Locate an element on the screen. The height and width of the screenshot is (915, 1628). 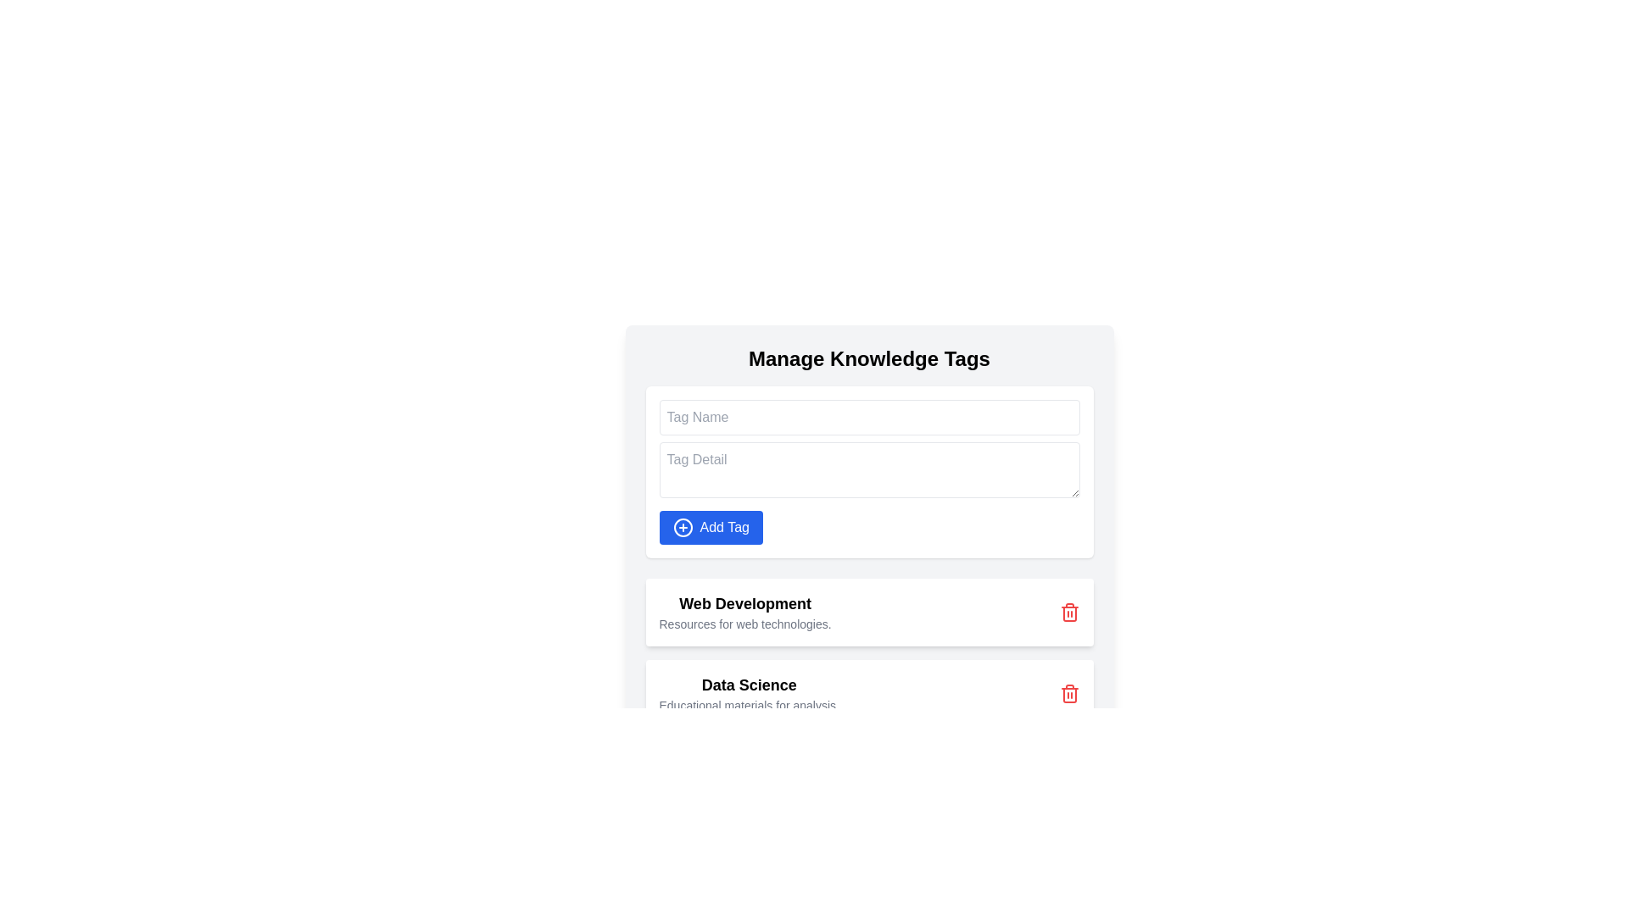
the outer circle icon boundary that triggers the addition of a new tag, located to the left of the text 'Add Tag' and above the tag list is located at coordinates (683, 527).